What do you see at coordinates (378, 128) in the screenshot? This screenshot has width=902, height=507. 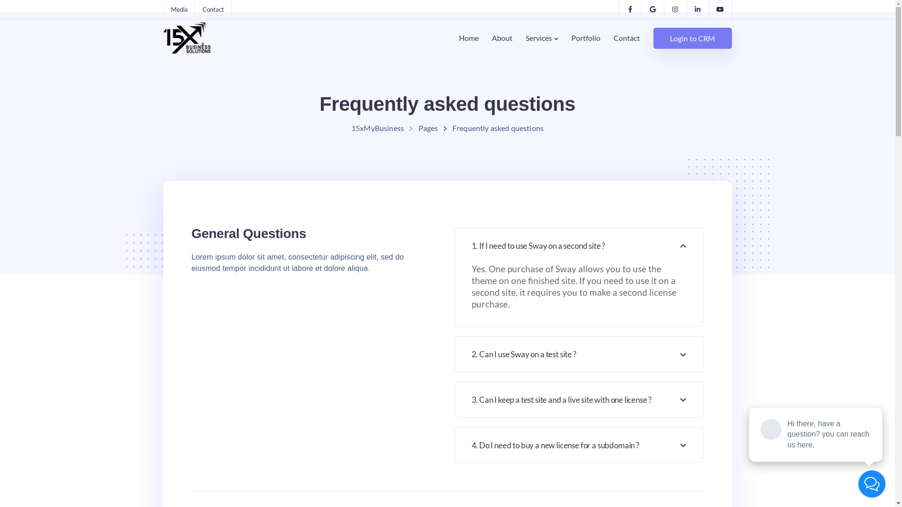 I see `'15xMyBusiness'` at bounding box center [378, 128].